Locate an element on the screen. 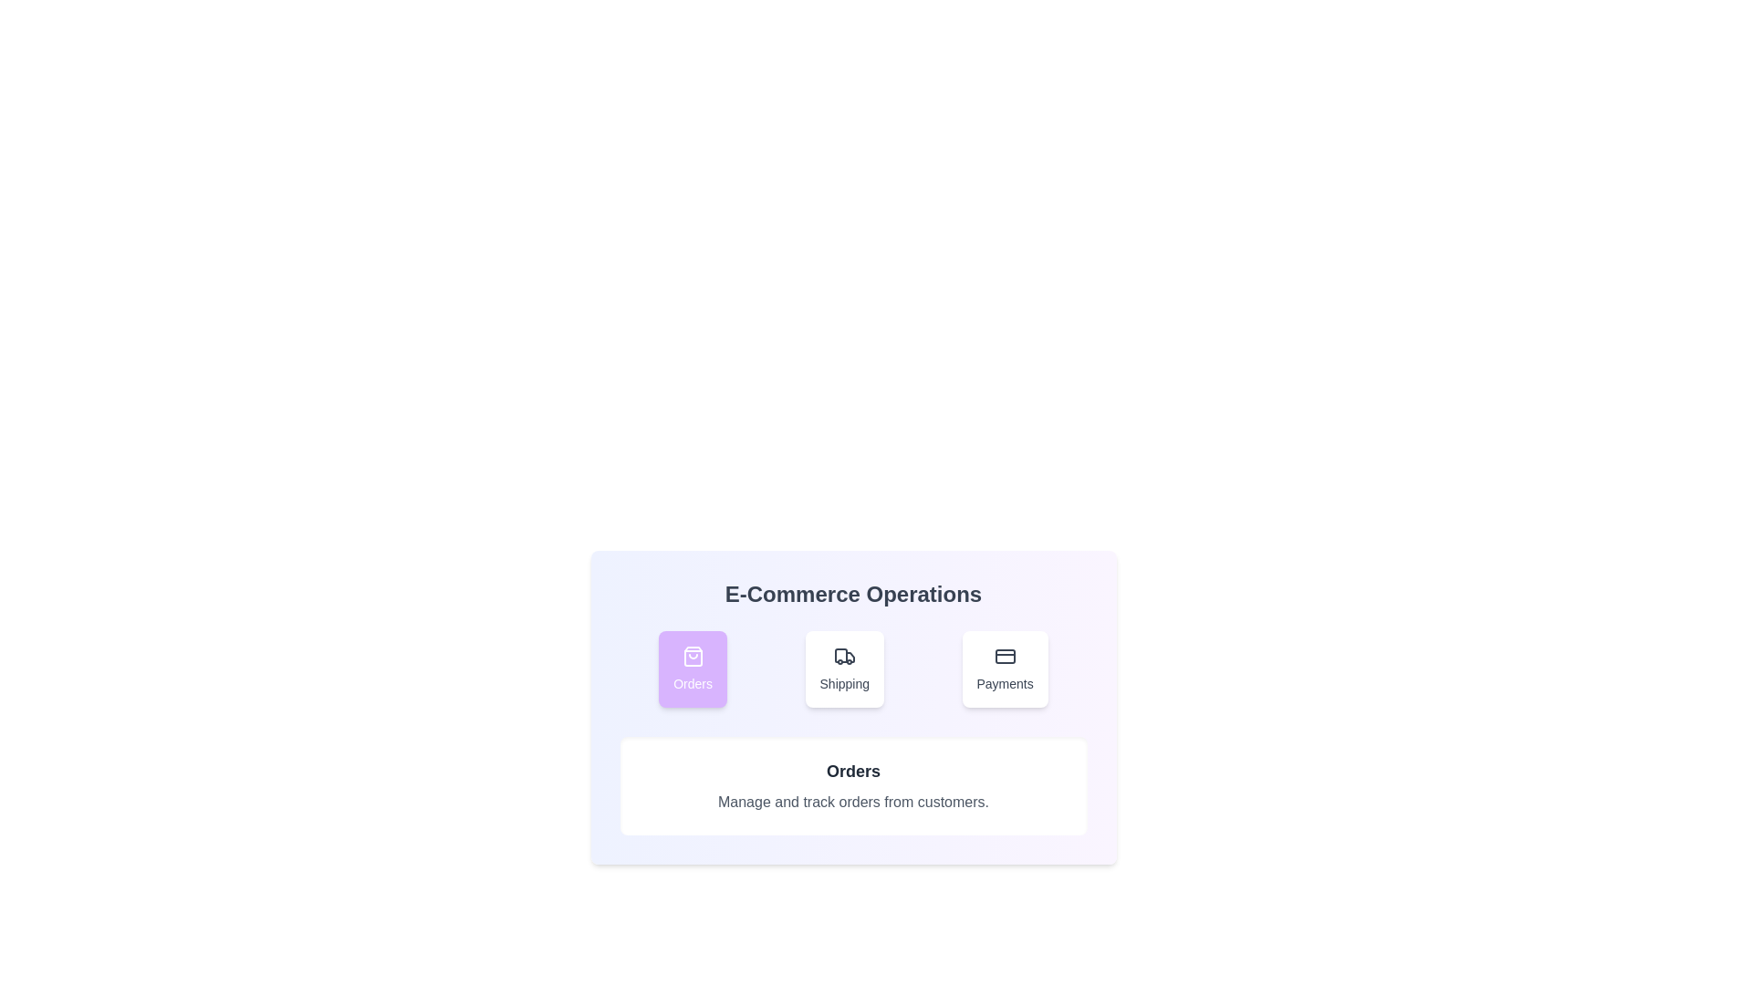 The width and height of the screenshot is (1752, 985). the button displaying a truck icon labeled 'Shipping' is located at coordinates (843, 669).